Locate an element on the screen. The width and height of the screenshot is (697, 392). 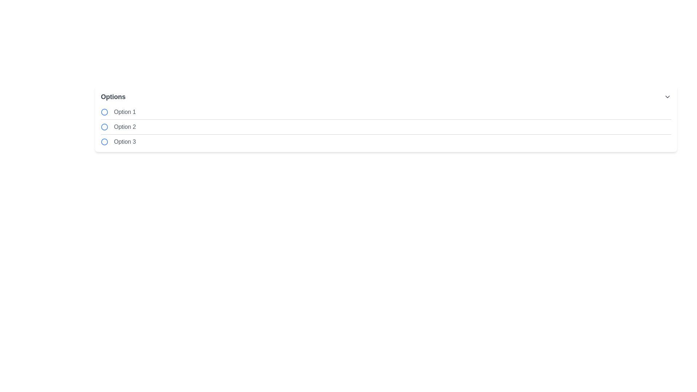
text displayed in the third textual label, which shows 'Option 3' and is associated with a blue circular icon is located at coordinates (125, 142).